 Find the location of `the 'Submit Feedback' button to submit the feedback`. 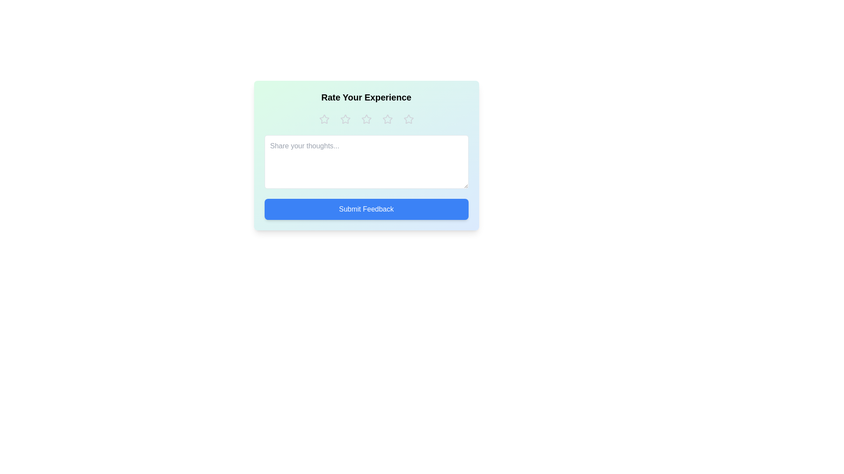

the 'Submit Feedback' button to submit the feedback is located at coordinates (366, 209).